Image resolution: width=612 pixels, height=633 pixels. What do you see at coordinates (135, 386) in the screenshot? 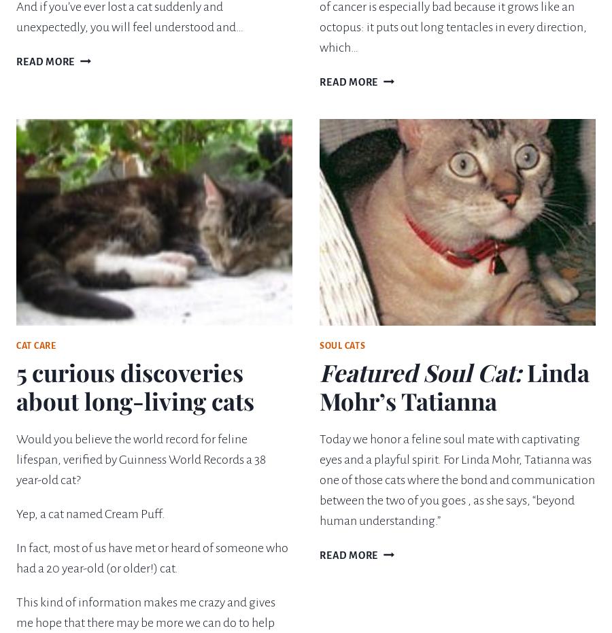
I see `'5 curious discoveries about long-living cats'` at bounding box center [135, 386].